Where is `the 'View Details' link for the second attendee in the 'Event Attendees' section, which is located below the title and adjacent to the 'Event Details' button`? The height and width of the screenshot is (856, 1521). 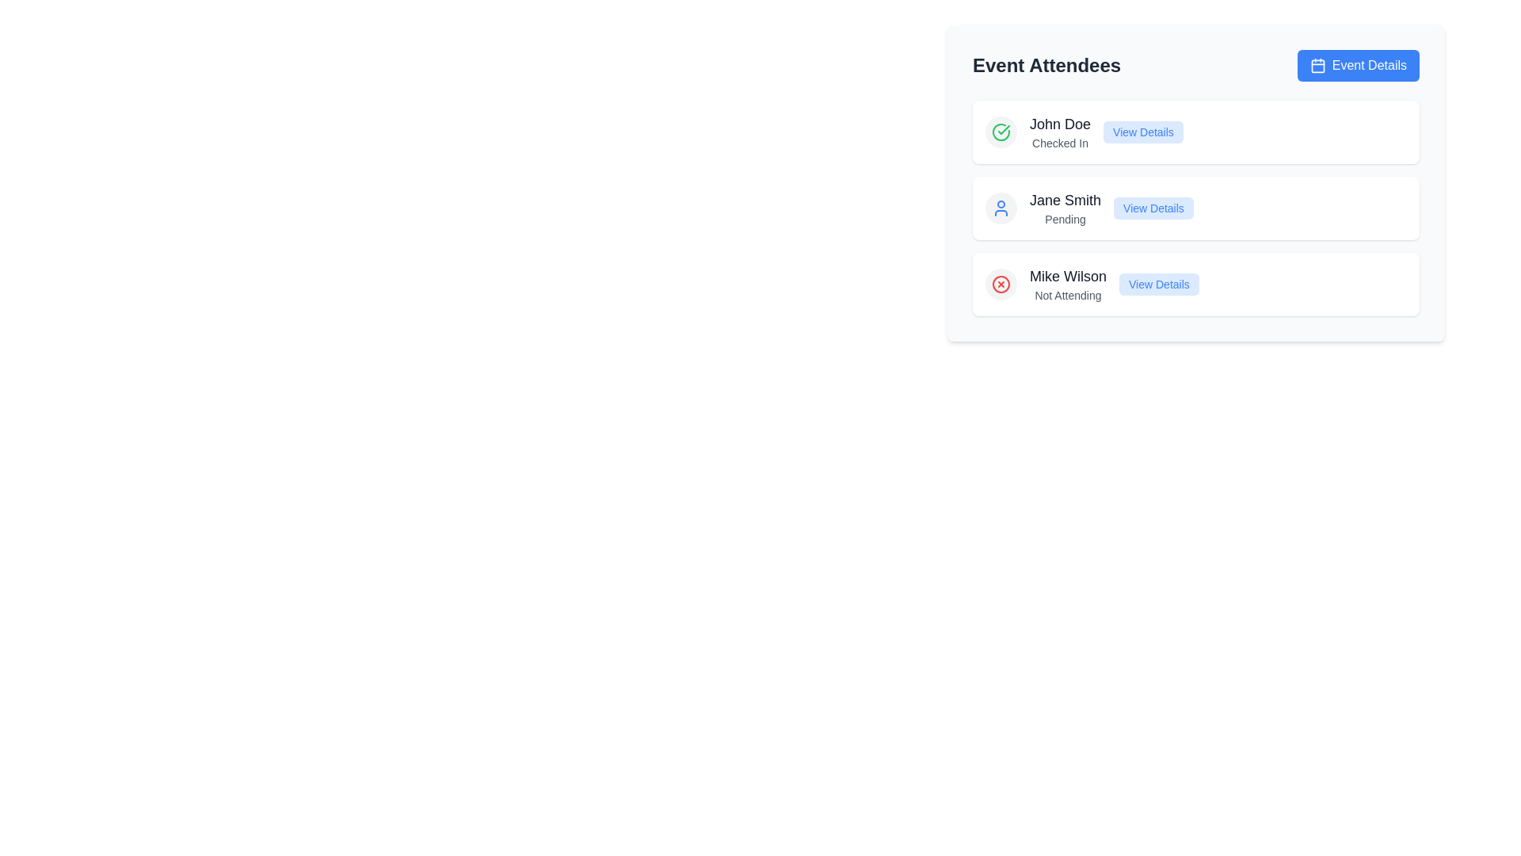 the 'View Details' link for the second attendee in the 'Event Attendees' section, which is located below the title and adjacent to the 'Event Details' button is located at coordinates (1196, 207).